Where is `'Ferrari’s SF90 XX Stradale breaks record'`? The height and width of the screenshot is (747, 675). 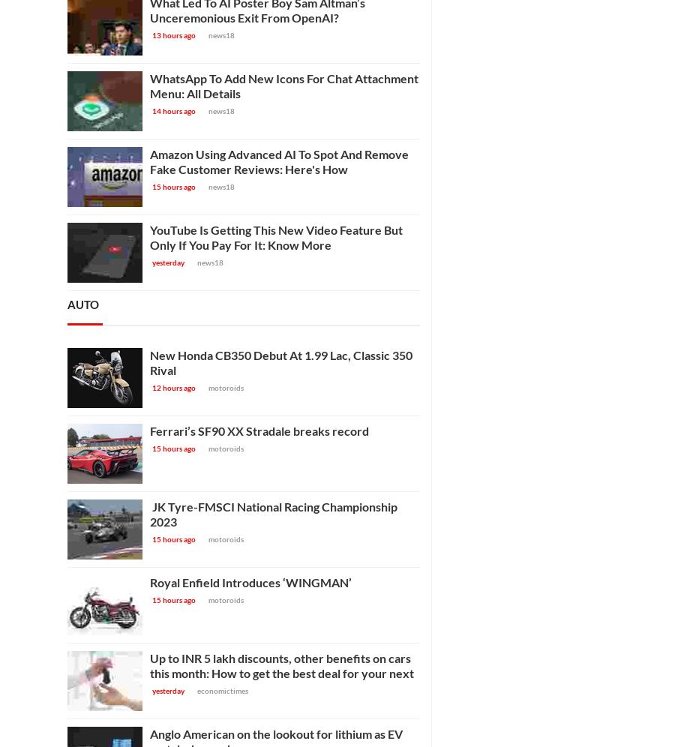 'Ferrari’s SF90 XX Stradale breaks record' is located at coordinates (259, 429).